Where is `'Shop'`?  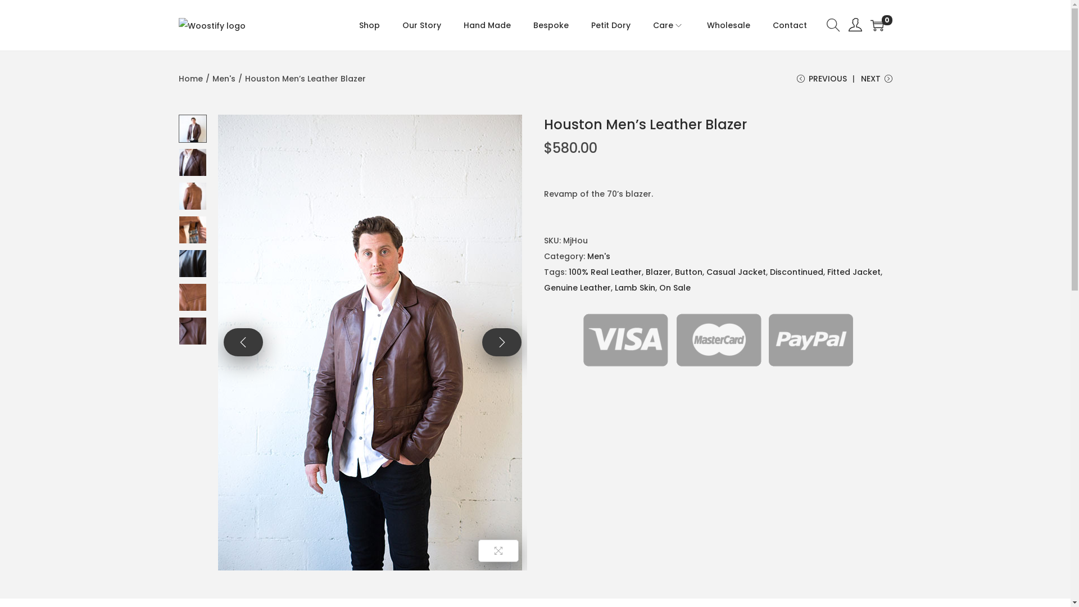 'Shop' is located at coordinates (358, 25).